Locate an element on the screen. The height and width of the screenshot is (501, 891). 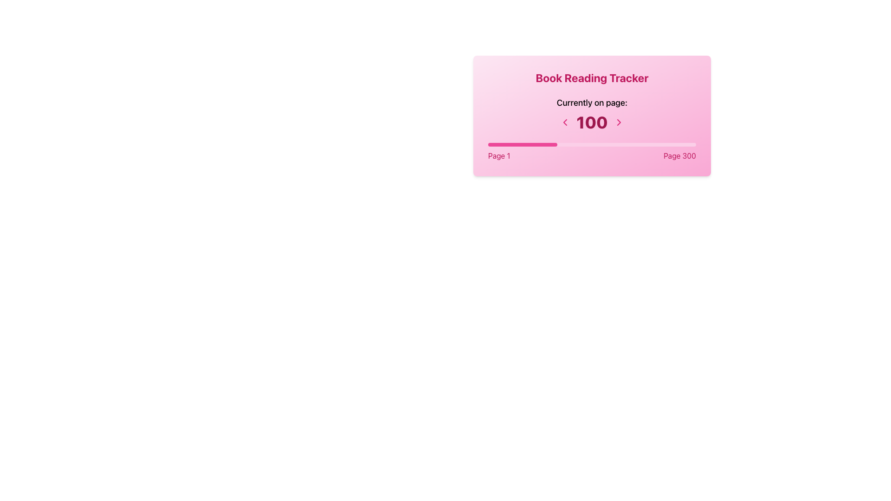
the forward navigation SVG icon located directly to the right of the displayed number (100) in the 'Currently on page' section is located at coordinates (619, 122).